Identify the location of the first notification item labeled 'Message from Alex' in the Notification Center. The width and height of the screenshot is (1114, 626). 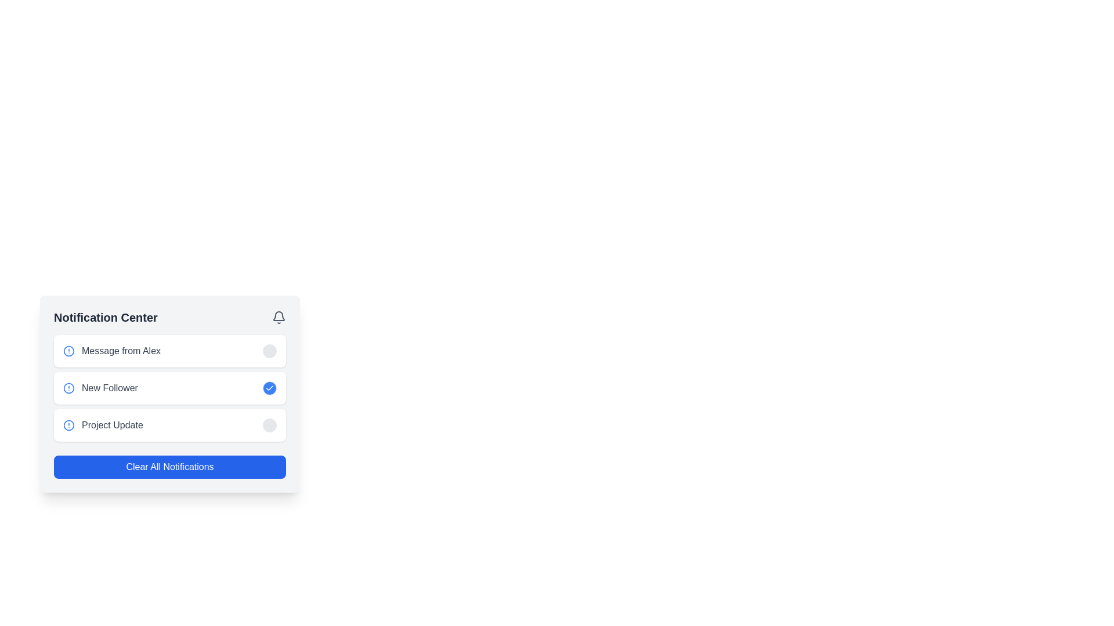
(111, 350).